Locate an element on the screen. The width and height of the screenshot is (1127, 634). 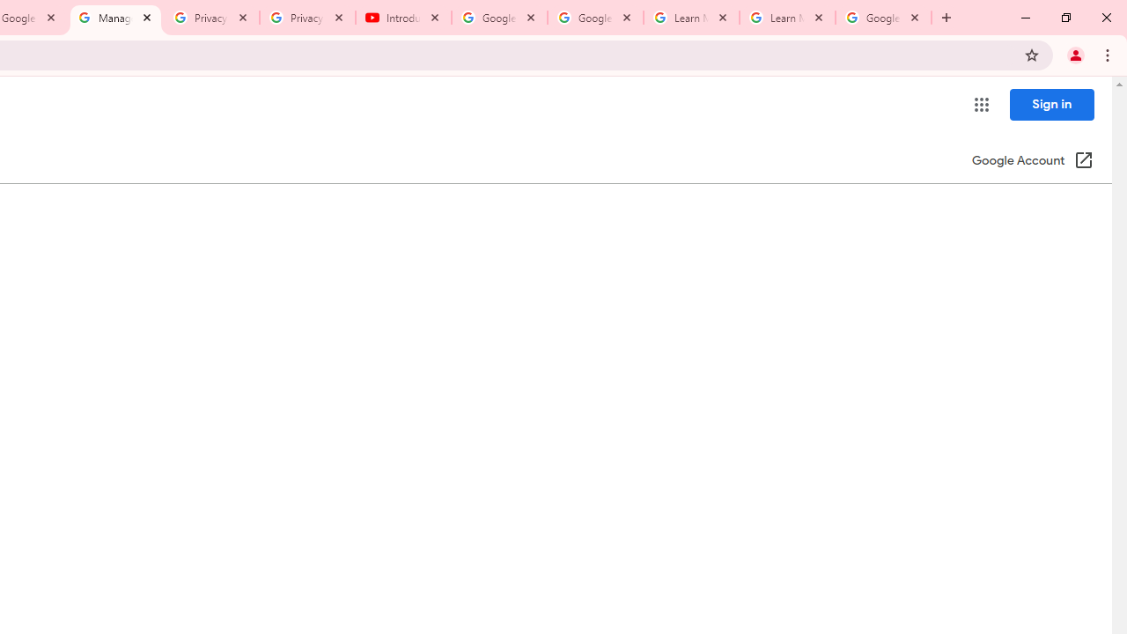
'Google Account (Open in a new window)' is located at coordinates (1033, 161).